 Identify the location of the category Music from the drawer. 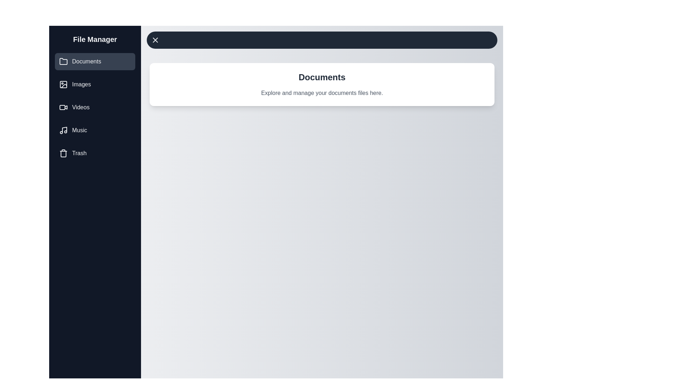
(94, 130).